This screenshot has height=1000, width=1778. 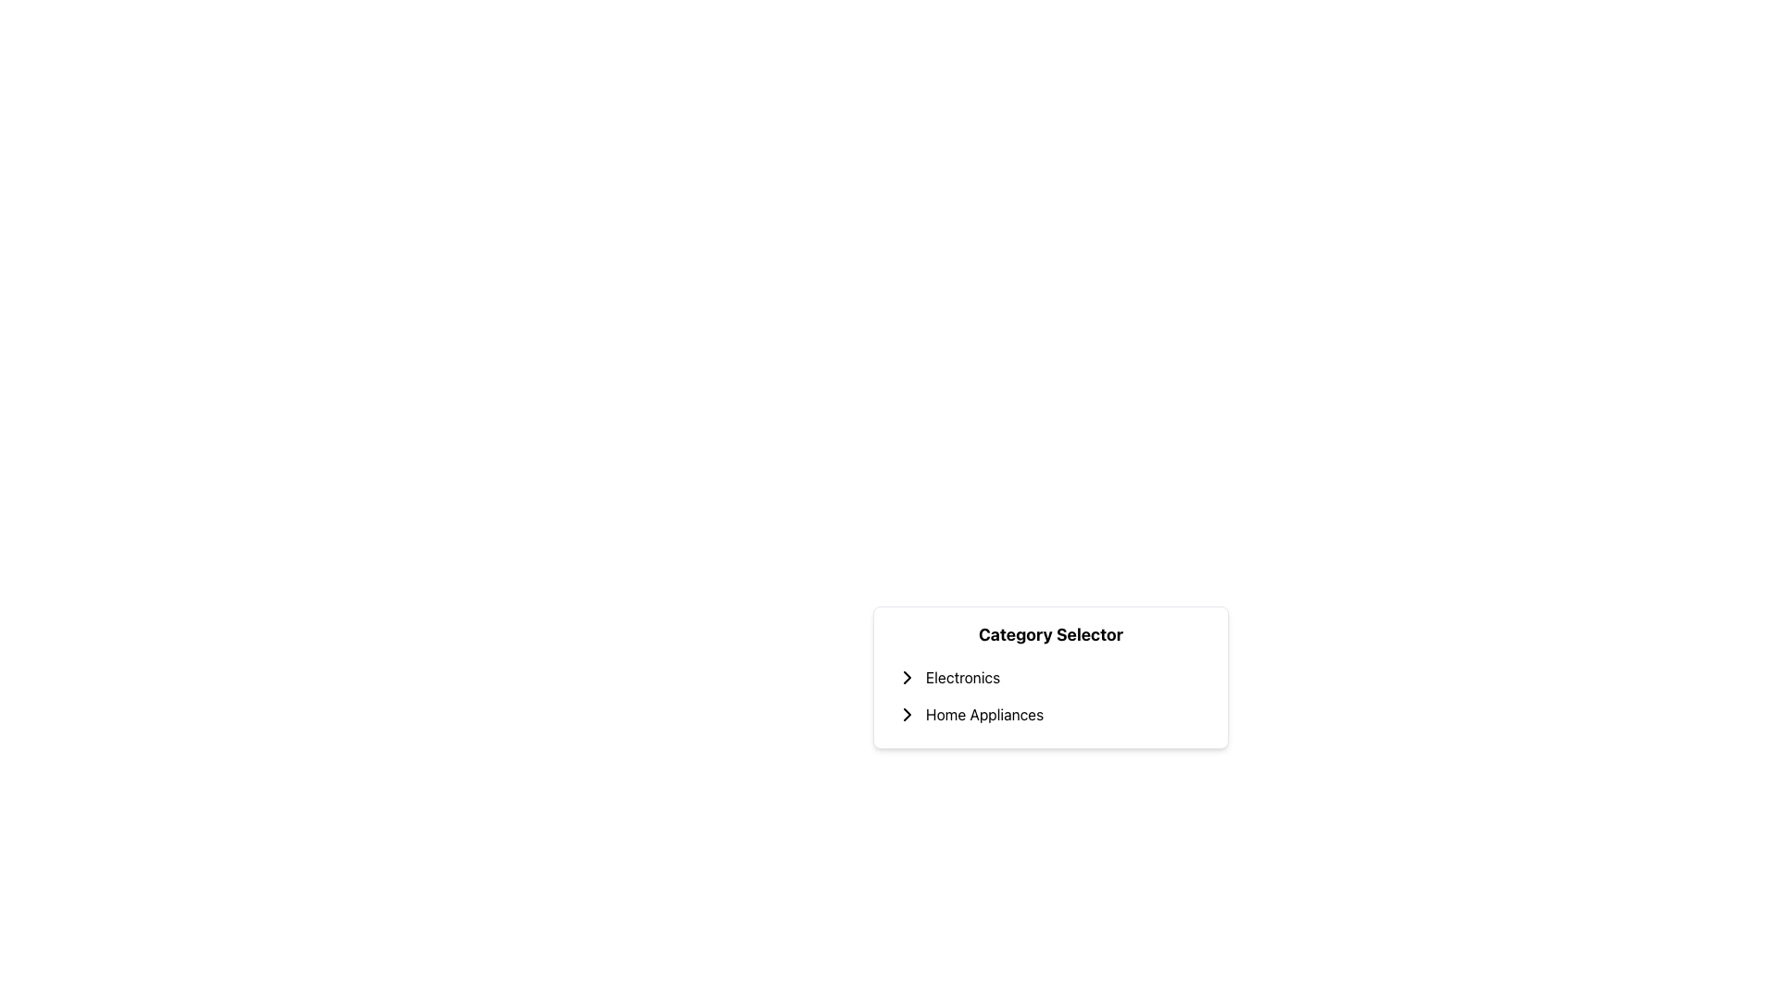 I want to click on the right-facing chevron arrow icon located to the immediate left of the 'Electronics' text, so click(x=907, y=678).